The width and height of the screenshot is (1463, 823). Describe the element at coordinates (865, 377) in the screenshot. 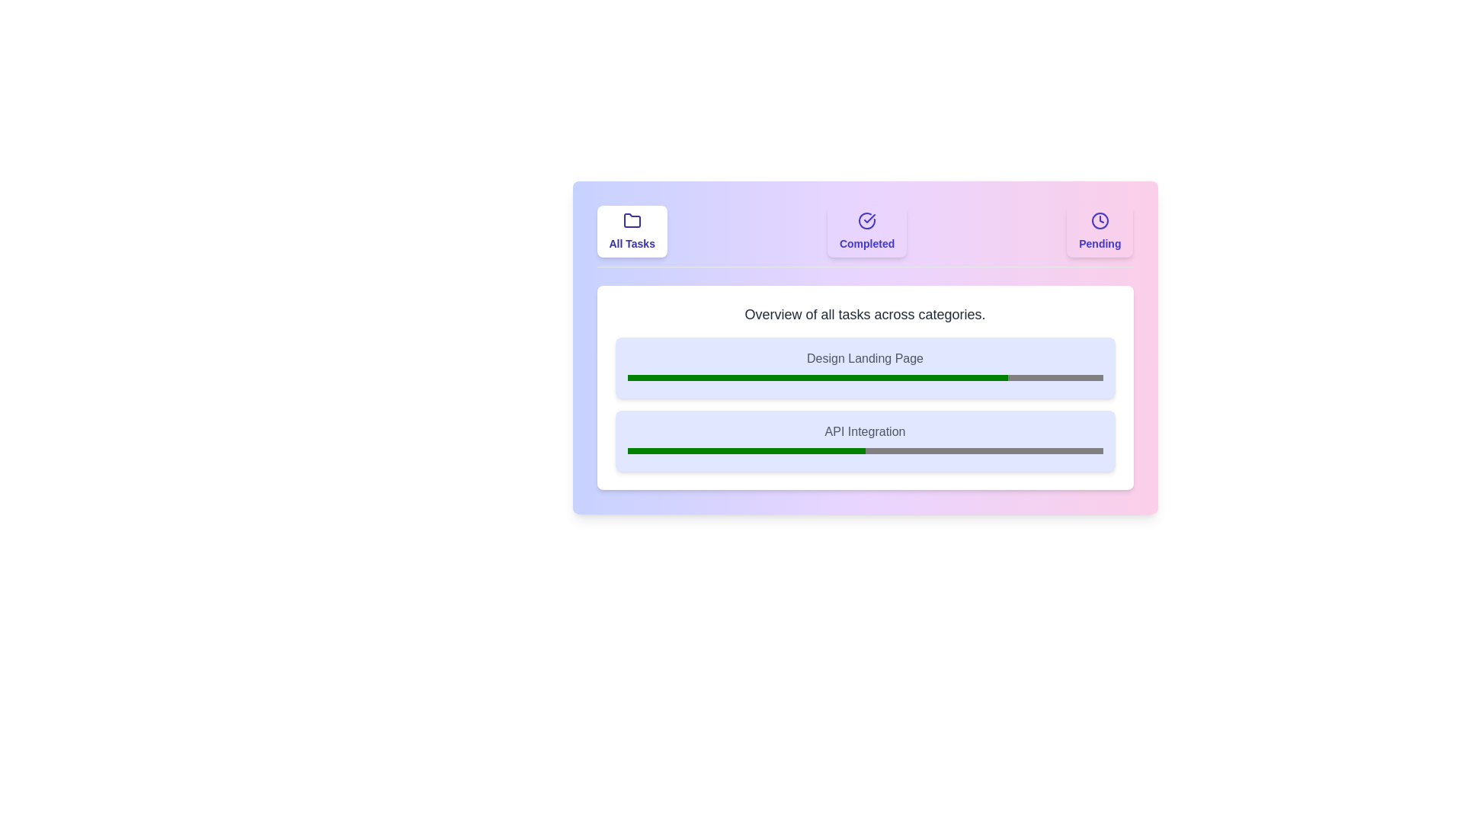

I see `the horizontal progress bar with curved ends, filled 80% in red, located directly below the 'Design Landing Page' text` at that location.